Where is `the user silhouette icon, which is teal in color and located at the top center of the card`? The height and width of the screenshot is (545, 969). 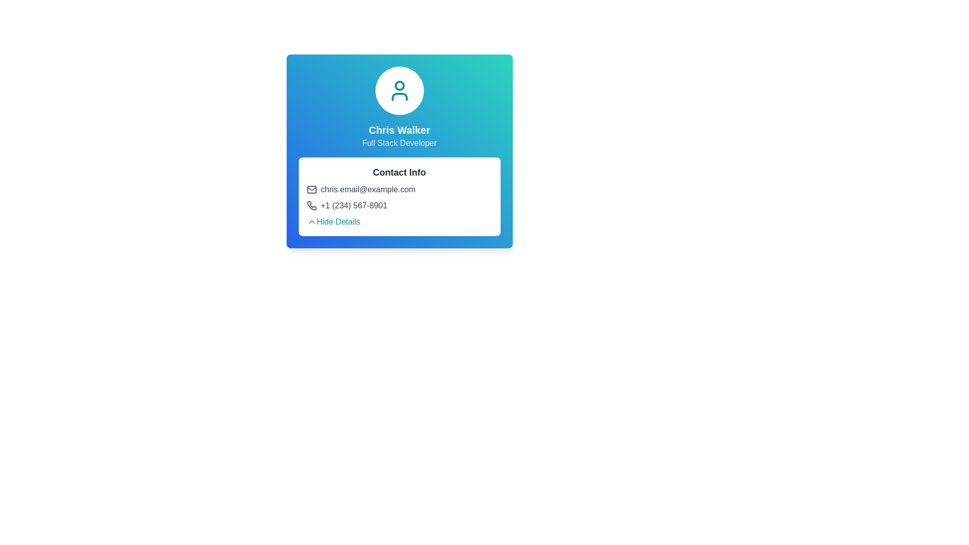
the user silhouette icon, which is teal in color and located at the top center of the card is located at coordinates (399, 91).